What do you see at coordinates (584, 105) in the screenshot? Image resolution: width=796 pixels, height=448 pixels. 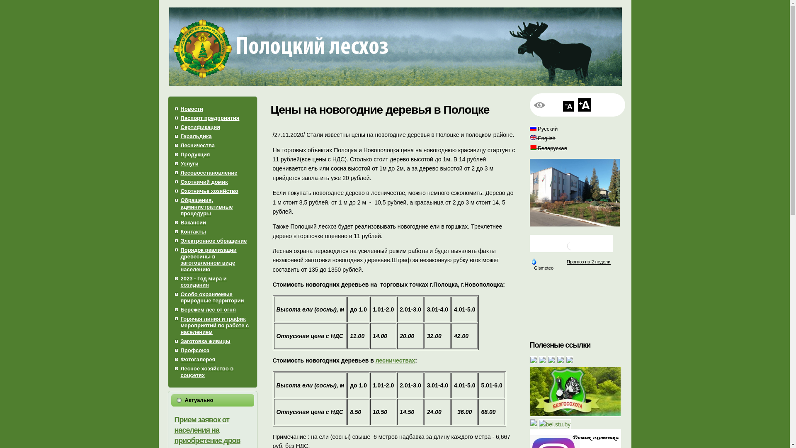 I see `'A'` at bounding box center [584, 105].